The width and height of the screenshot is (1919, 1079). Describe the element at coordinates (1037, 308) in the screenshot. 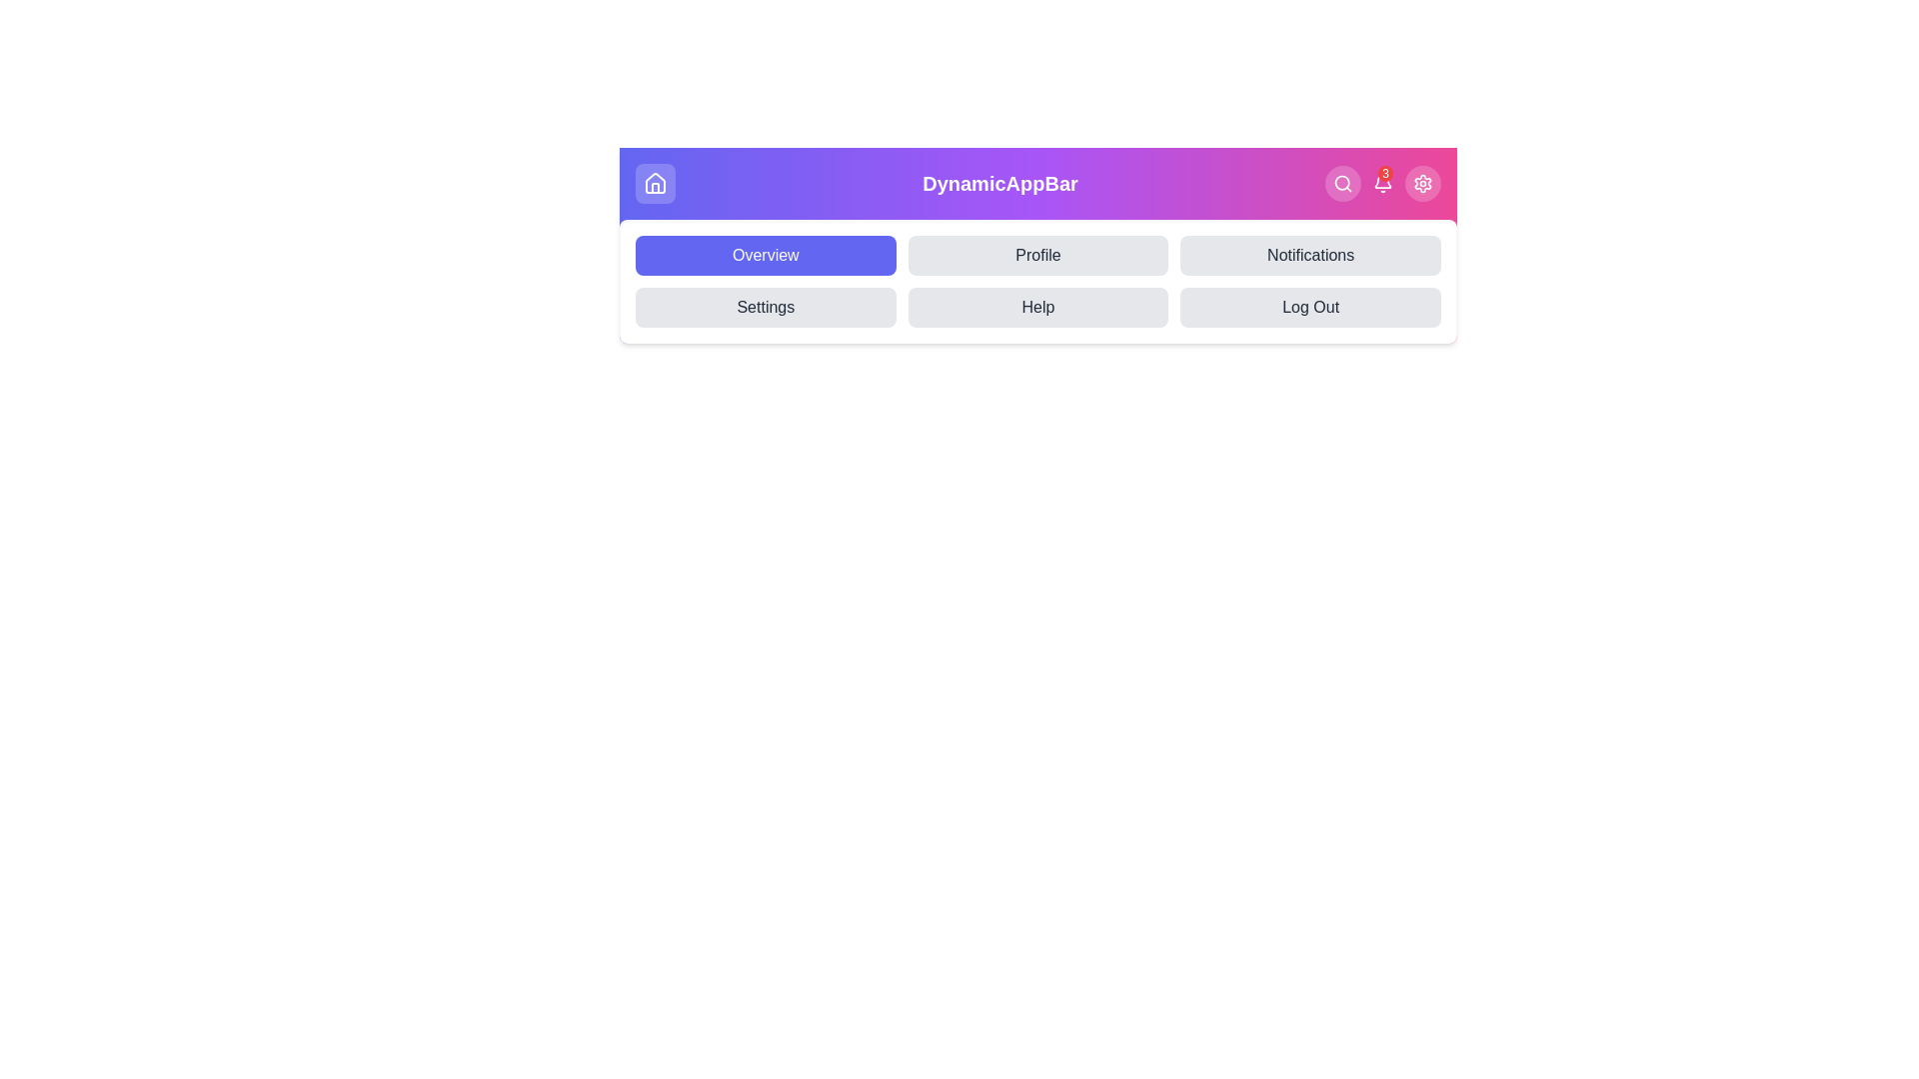

I see `the Help tab in the navigation menu` at that location.